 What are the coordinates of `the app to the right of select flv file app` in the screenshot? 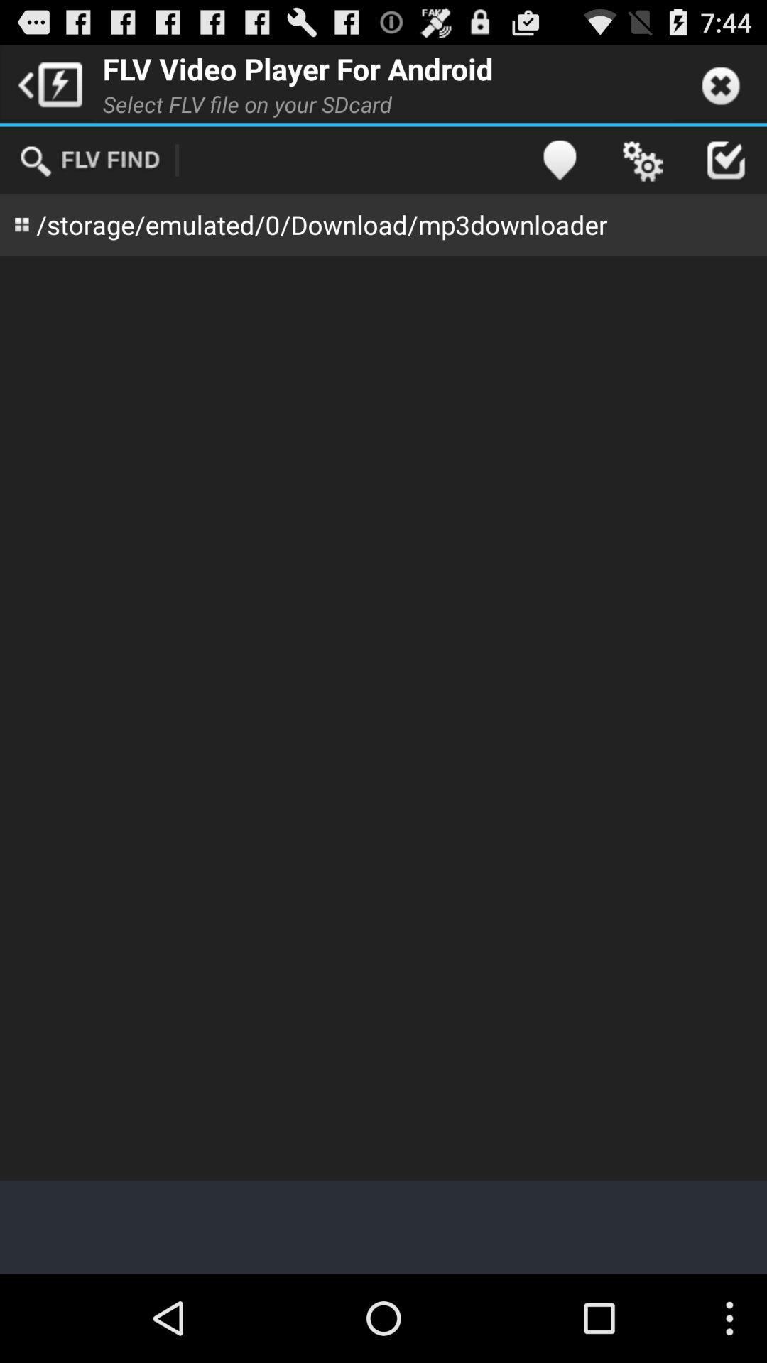 It's located at (558, 160).